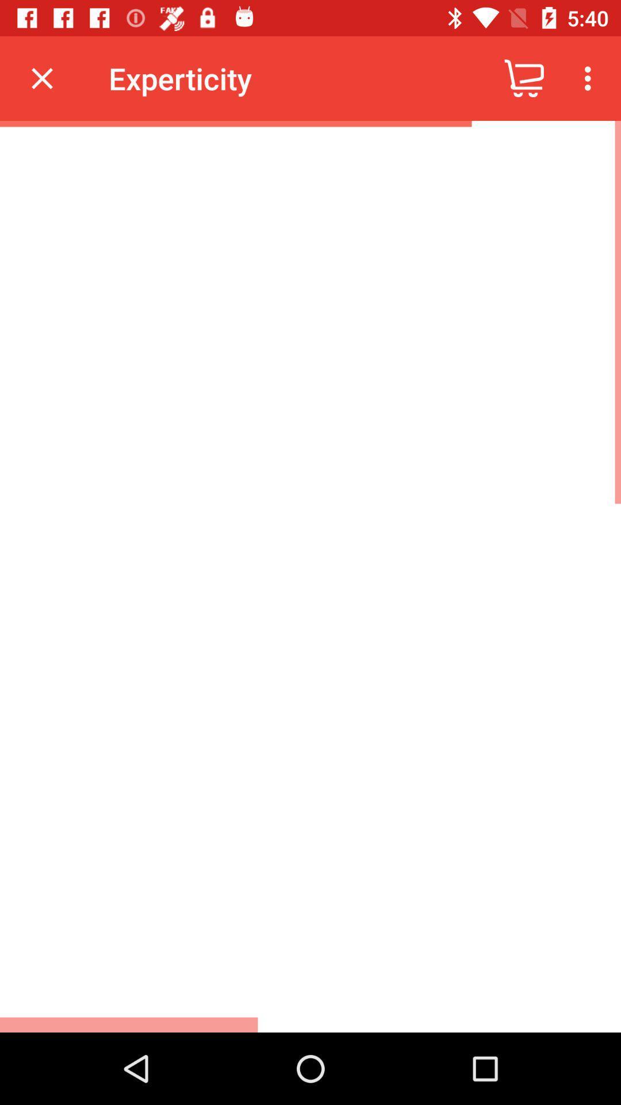 This screenshot has height=1105, width=621. What do you see at coordinates (524, 78) in the screenshot?
I see `item to the right of the experticity icon` at bounding box center [524, 78].